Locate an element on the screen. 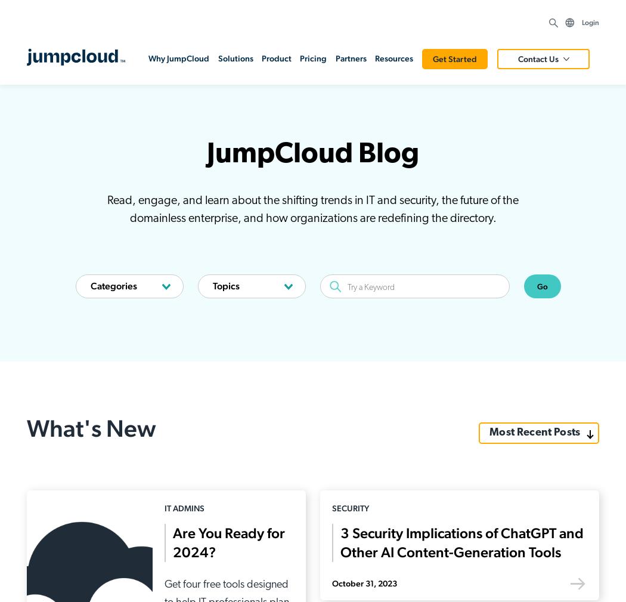  'Listen Now' is located at coordinates (523, 274).